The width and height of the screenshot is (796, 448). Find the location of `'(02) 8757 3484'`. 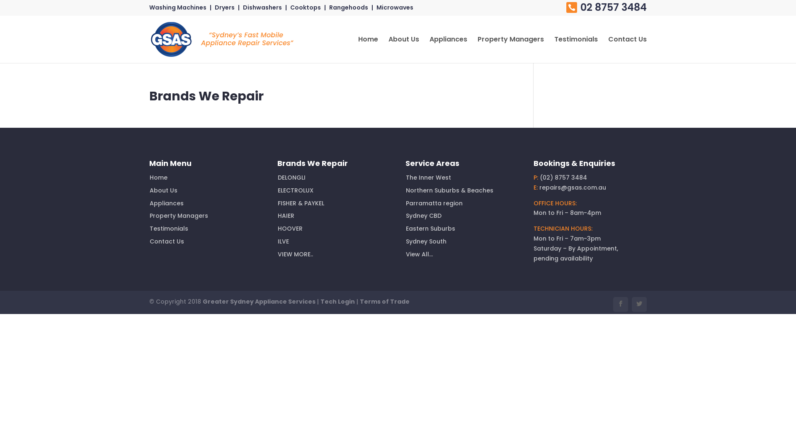

'(02) 8757 3484' is located at coordinates (563, 177).